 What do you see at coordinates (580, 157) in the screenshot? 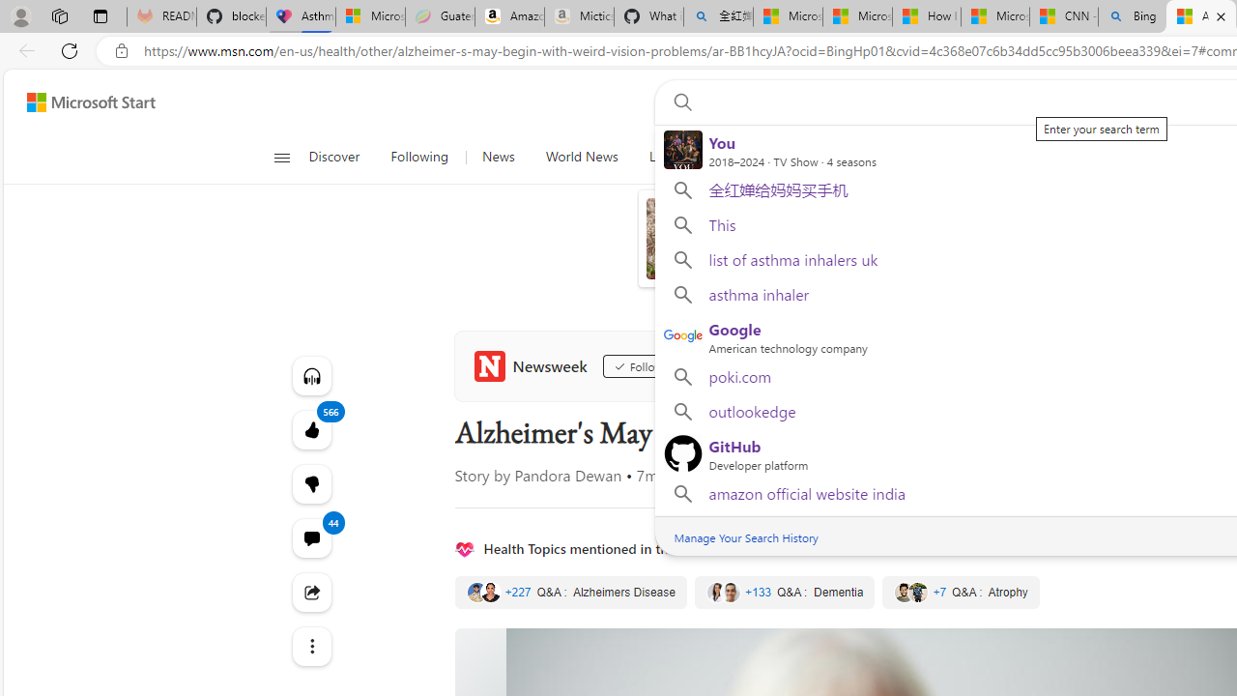
I see `'World News'` at bounding box center [580, 157].